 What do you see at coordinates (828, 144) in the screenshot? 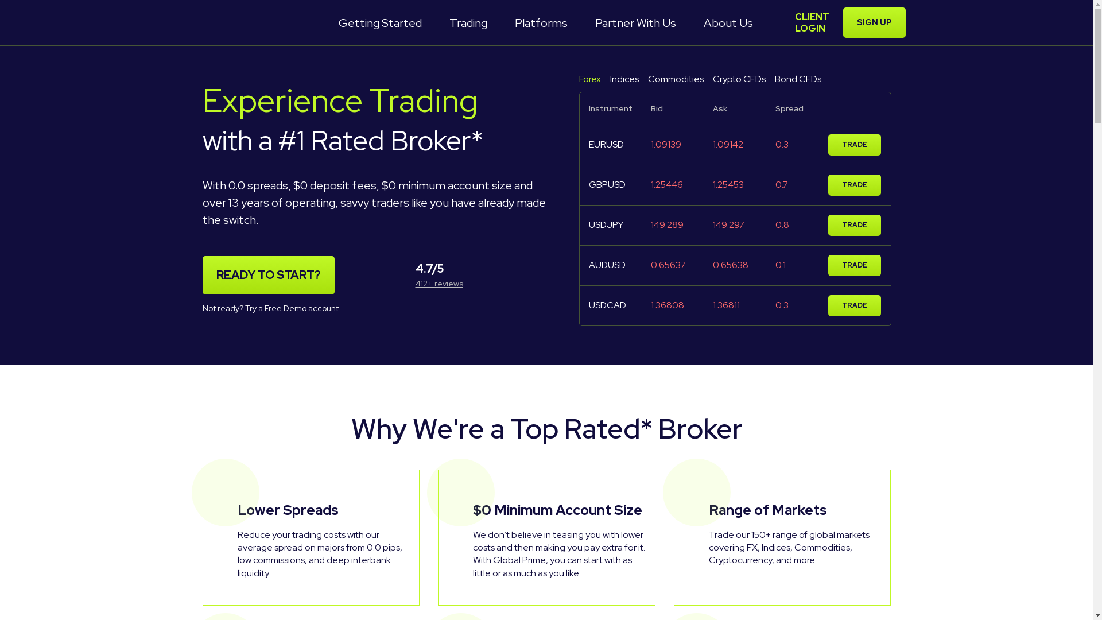
I see `'TRADE'` at bounding box center [828, 144].